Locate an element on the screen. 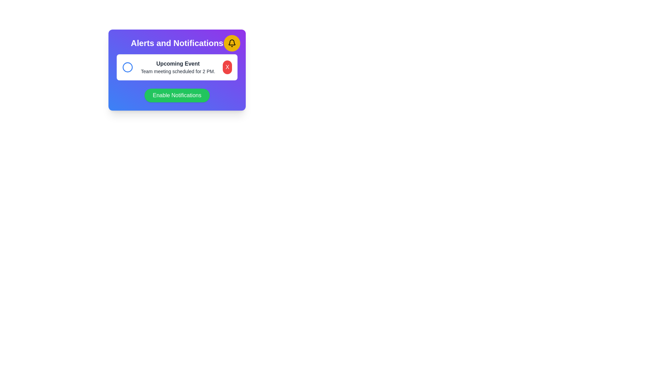  informational text from the text block that says 'Upcoming Event' and 'Team meeting scheduled for 2 PM.' is located at coordinates (178, 67).